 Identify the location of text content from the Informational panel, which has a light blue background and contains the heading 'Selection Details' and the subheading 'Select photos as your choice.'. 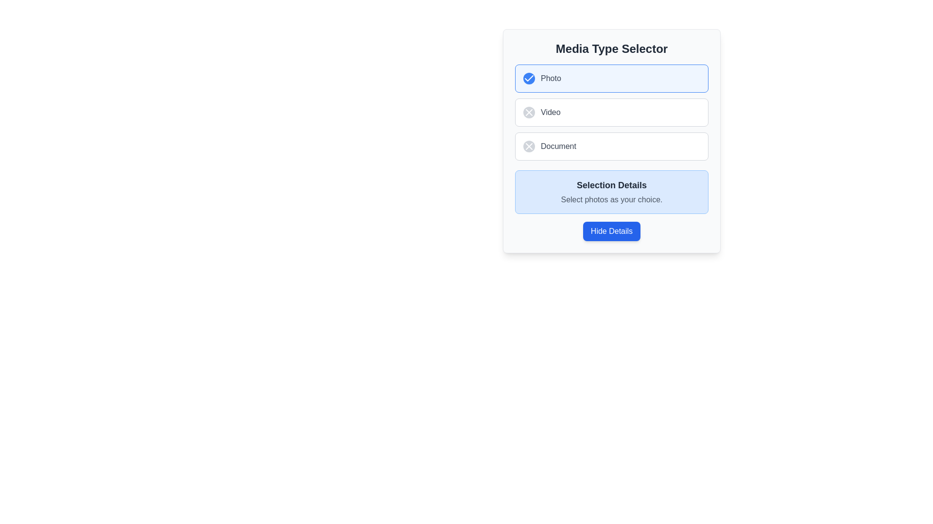
(611, 192).